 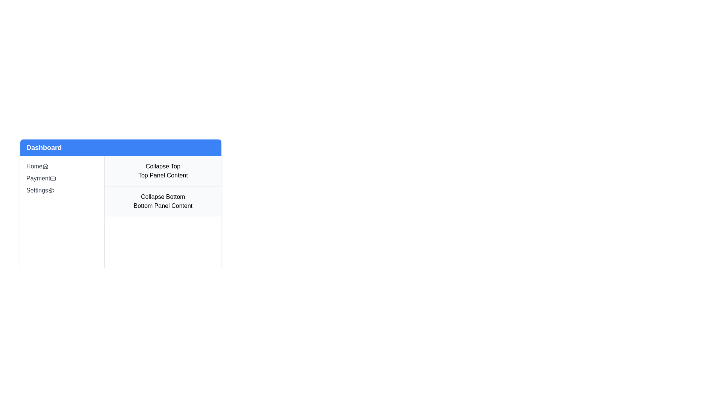 What do you see at coordinates (62, 178) in the screenshot?
I see `the 'Payment' link in the vertical navigation menu` at bounding box center [62, 178].